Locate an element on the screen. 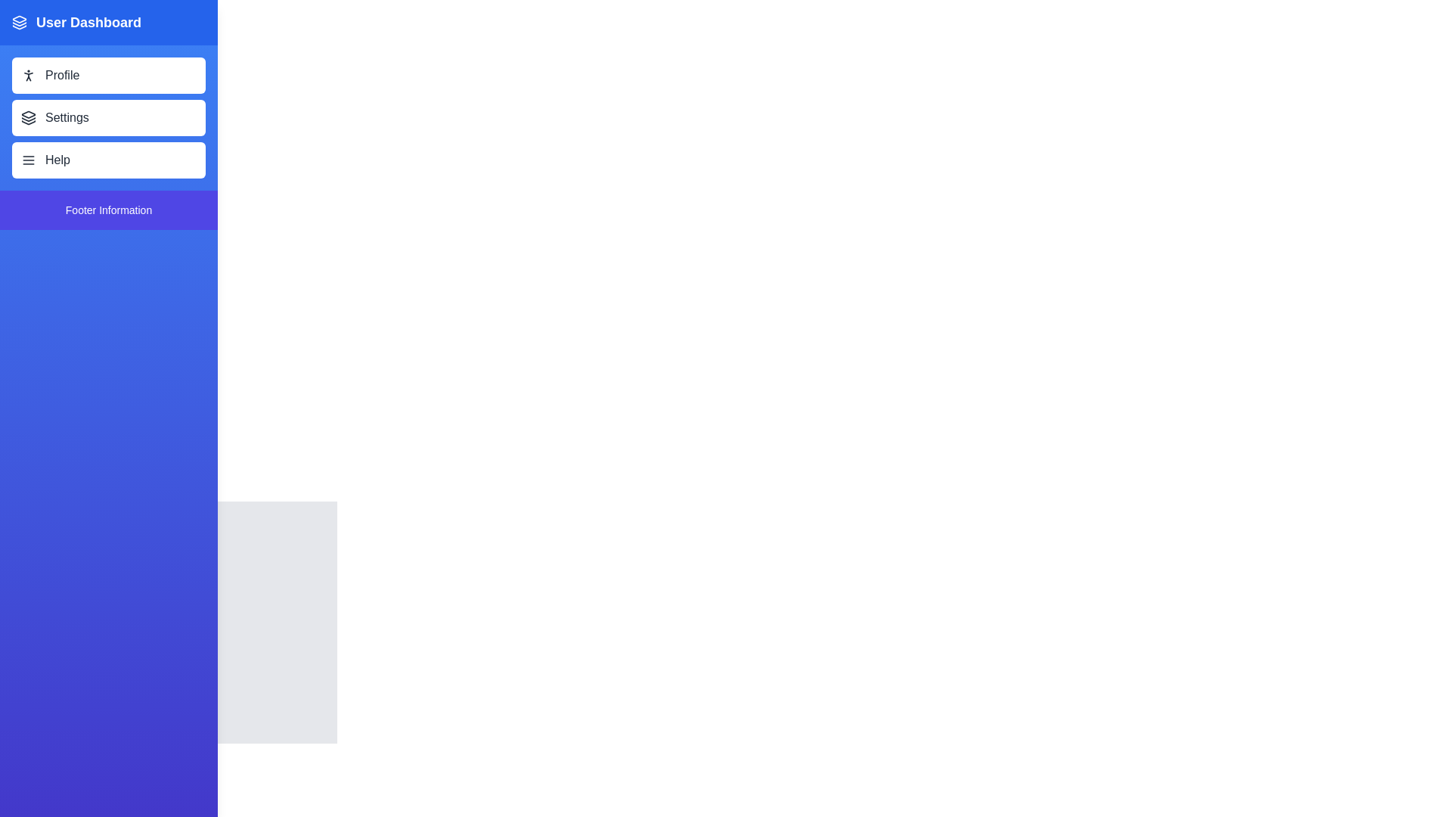 Image resolution: width=1452 pixels, height=817 pixels. the SVG icon representing stacked layers in the navigation header of the User Dashboard is located at coordinates (19, 23).